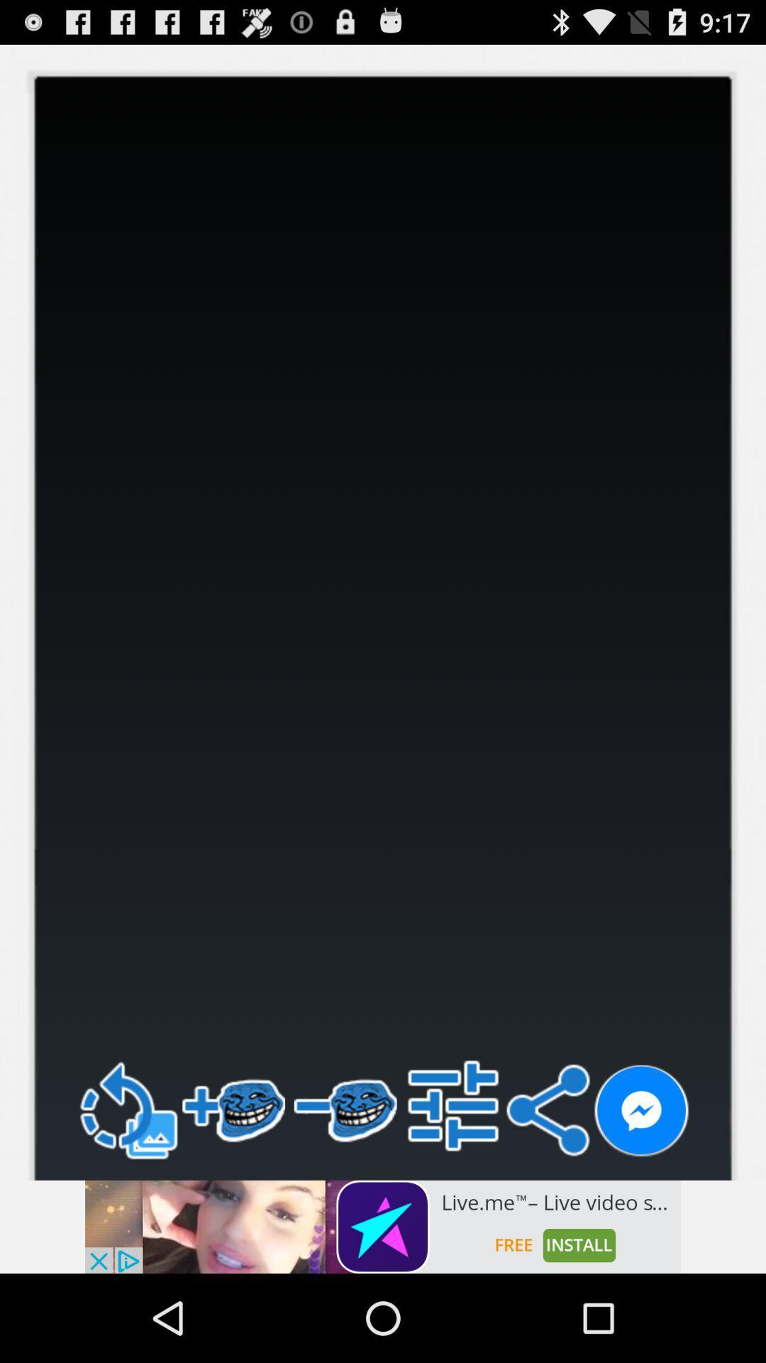 The image size is (766, 1363). What do you see at coordinates (453, 1183) in the screenshot?
I see `the sliders icon` at bounding box center [453, 1183].